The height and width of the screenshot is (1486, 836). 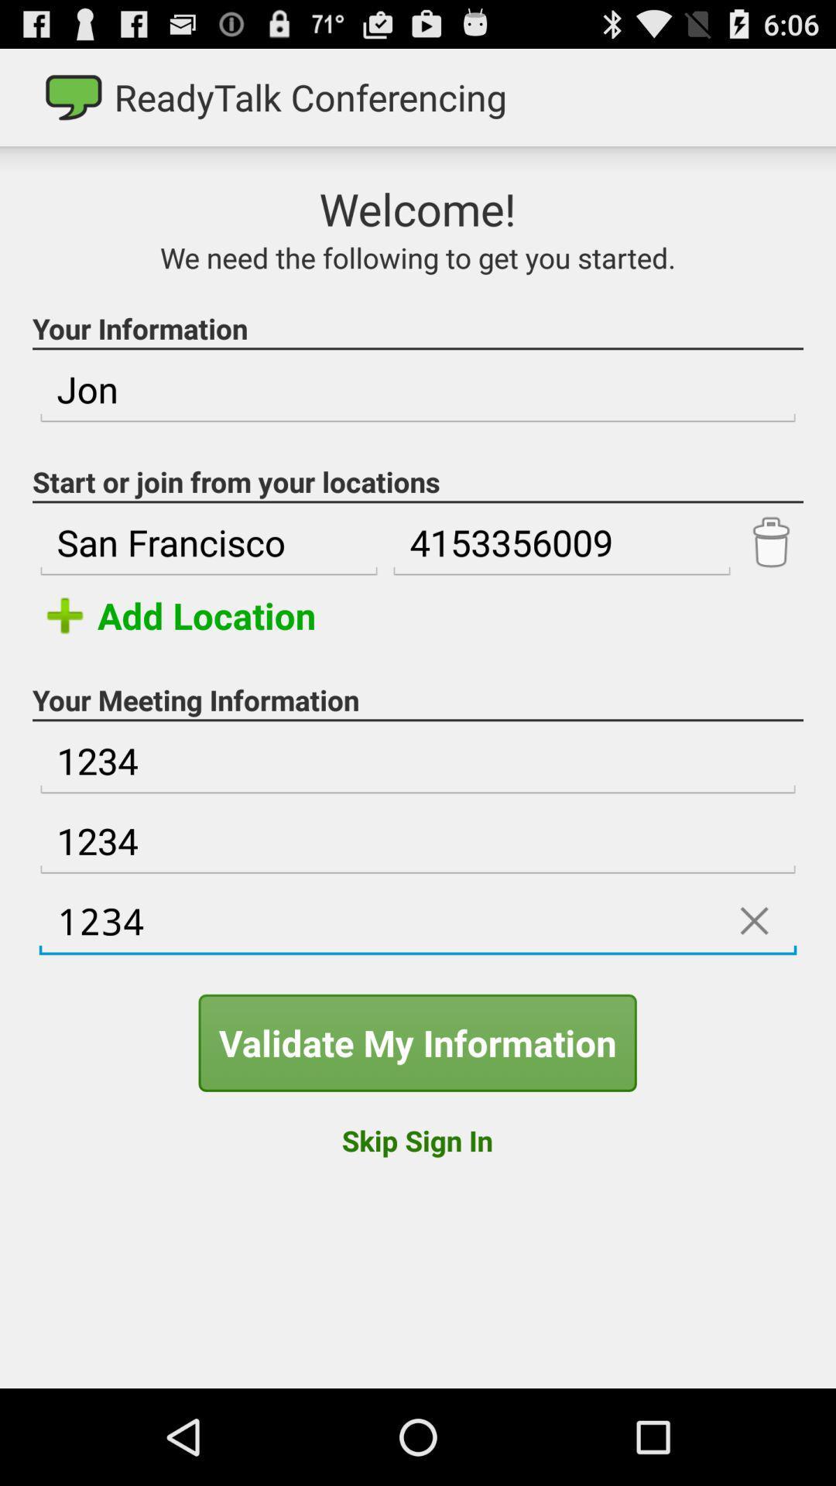 I want to click on the item next to san francisco, so click(x=561, y=543).